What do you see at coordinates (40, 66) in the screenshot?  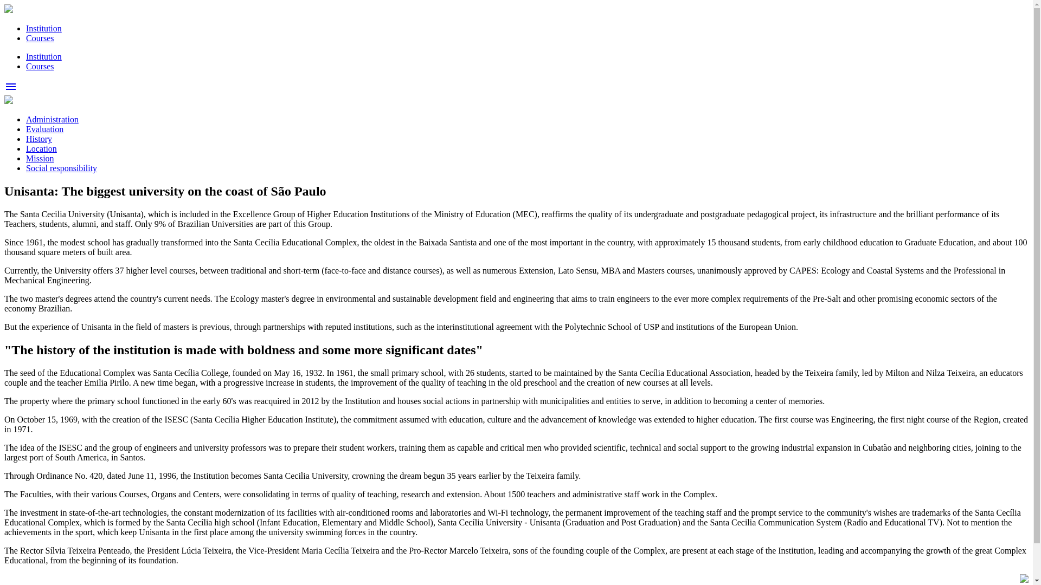 I see `'Courses'` at bounding box center [40, 66].